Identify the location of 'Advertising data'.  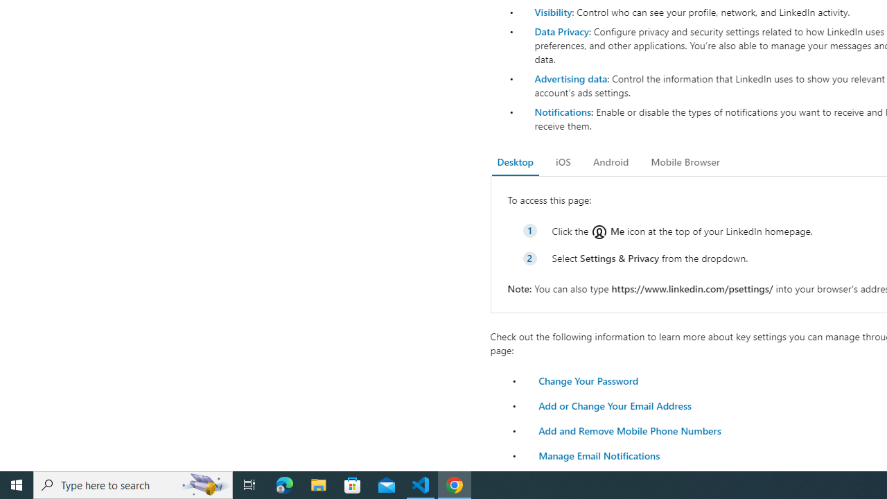
(570, 78).